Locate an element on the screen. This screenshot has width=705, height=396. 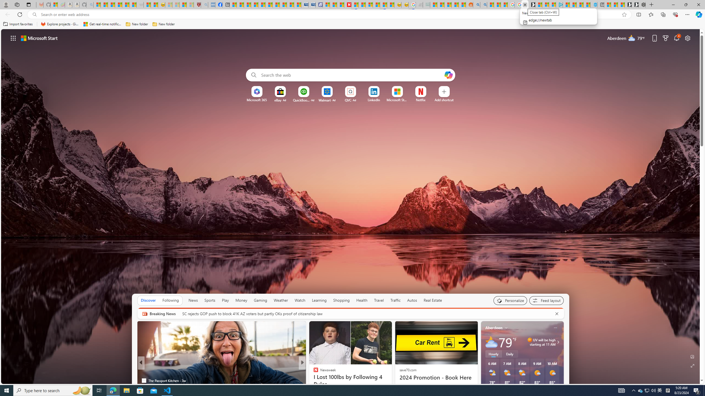
'Microsoft rewards' is located at coordinates (665, 38).